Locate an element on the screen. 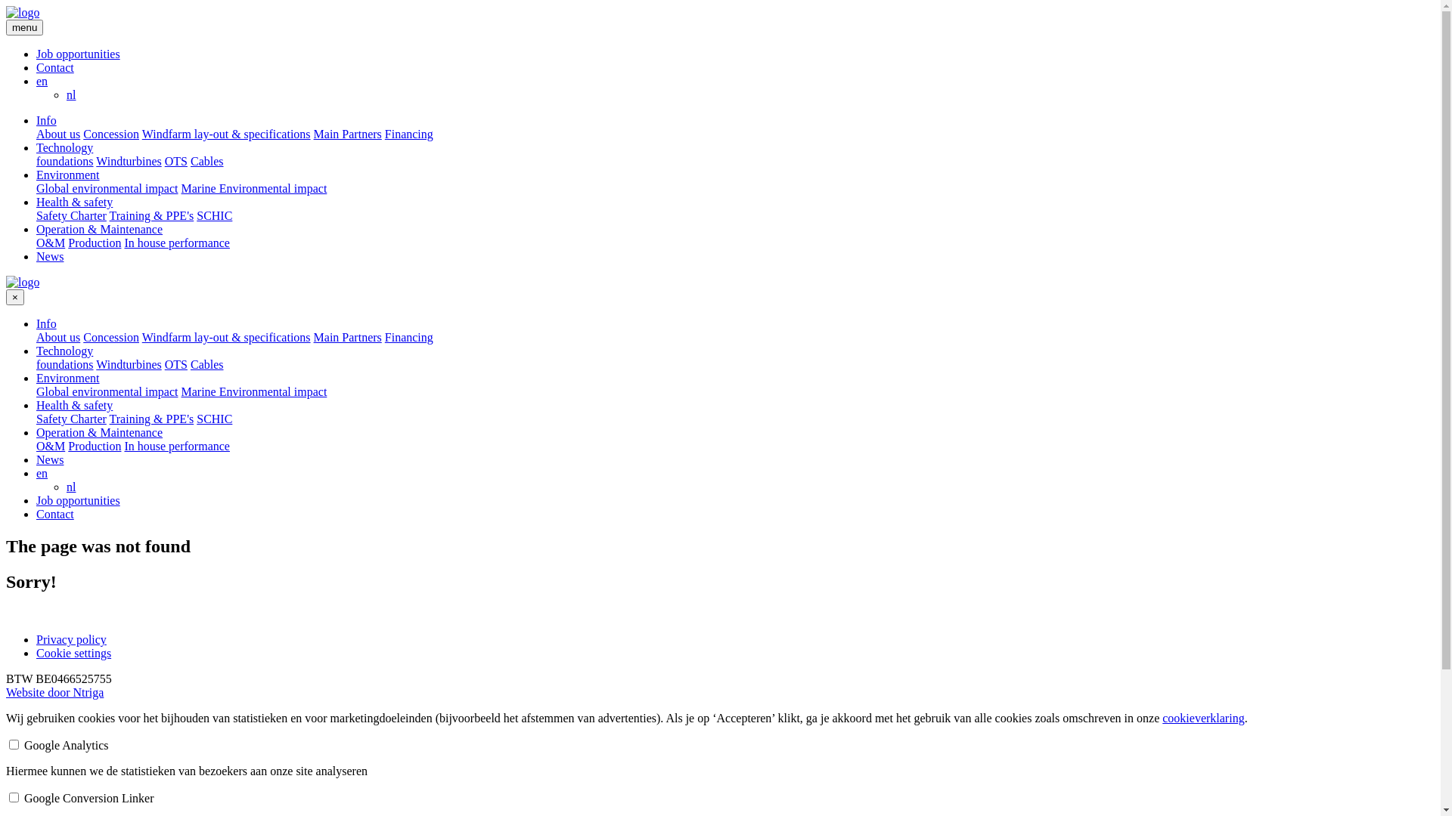  'OTS' is located at coordinates (176, 161).